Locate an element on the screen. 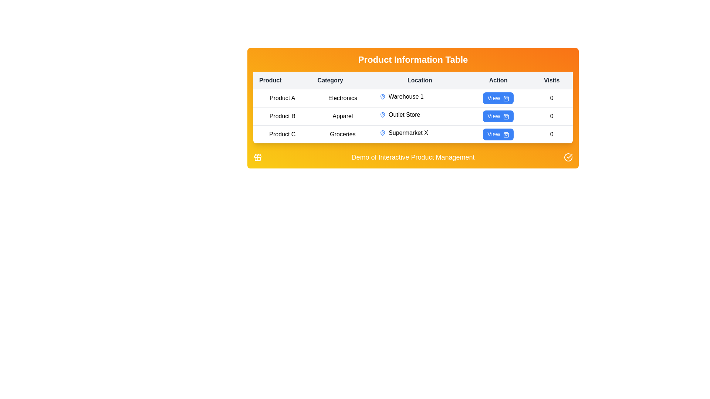  the third entry in the 'Product' column of the table, which serves as a label for identification, positioned to the left of 'Groceries' and aligned with 'Supermarket X' in the 'Location' column is located at coordinates (282, 134).